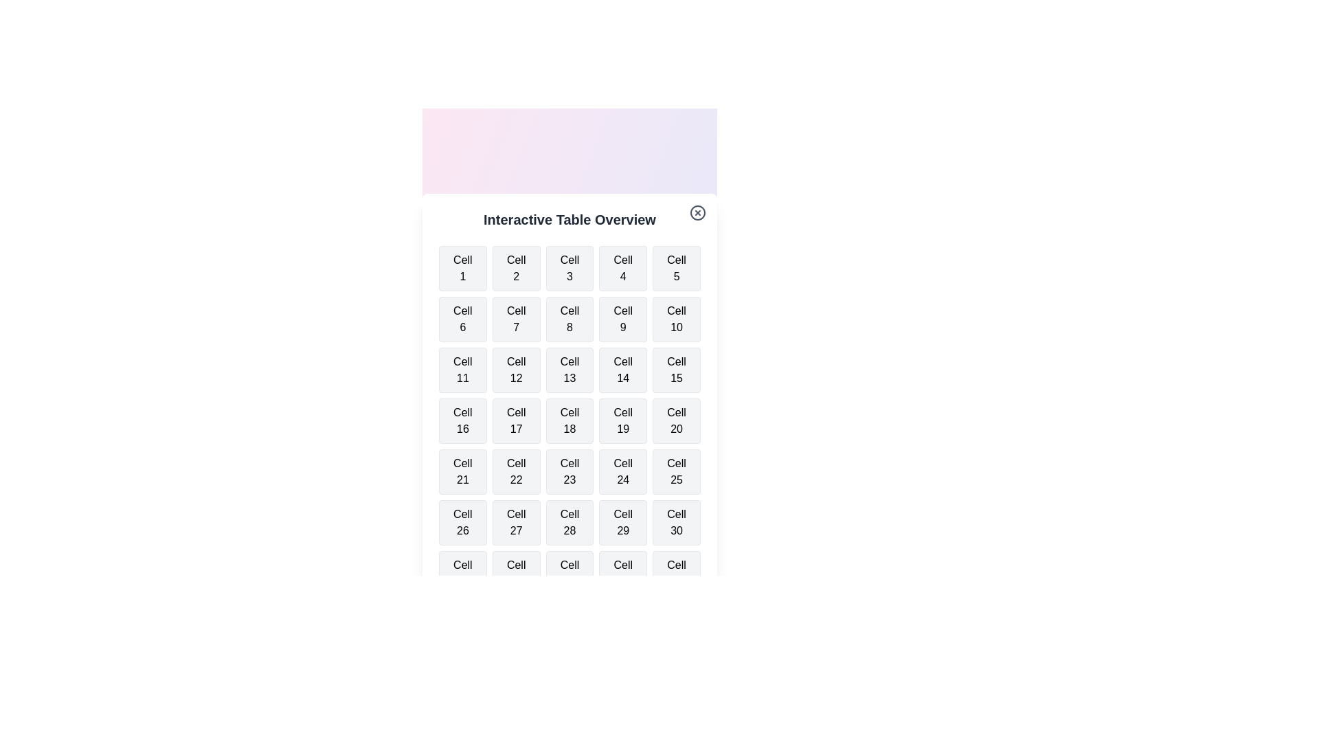 This screenshot has width=1319, height=742. Describe the element at coordinates (698, 212) in the screenshot. I see `the close button to close the dialog` at that location.